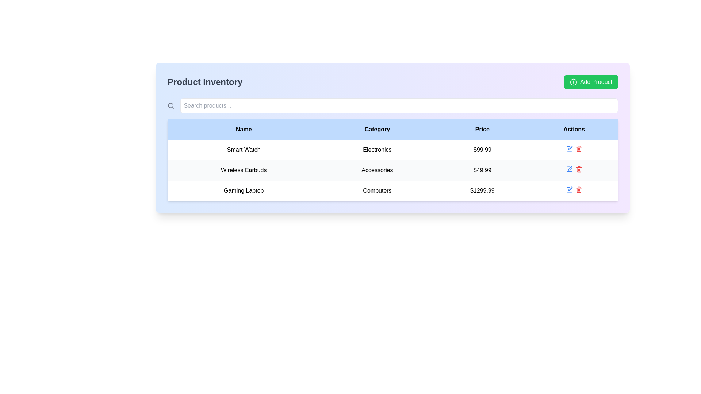 The height and width of the screenshot is (394, 701). What do you see at coordinates (377, 170) in the screenshot?
I see `text element that categorizes 'Wireless Earbuds' under 'Accessories' in the second row of the table` at bounding box center [377, 170].